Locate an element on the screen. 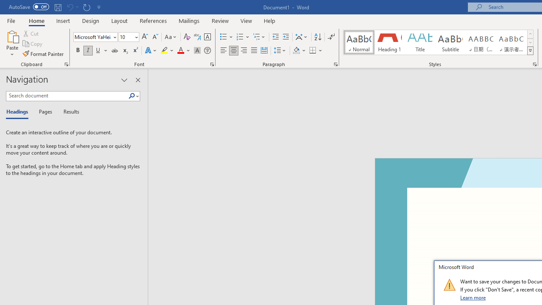  'Phonetic Guide...' is located at coordinates (196, 36).